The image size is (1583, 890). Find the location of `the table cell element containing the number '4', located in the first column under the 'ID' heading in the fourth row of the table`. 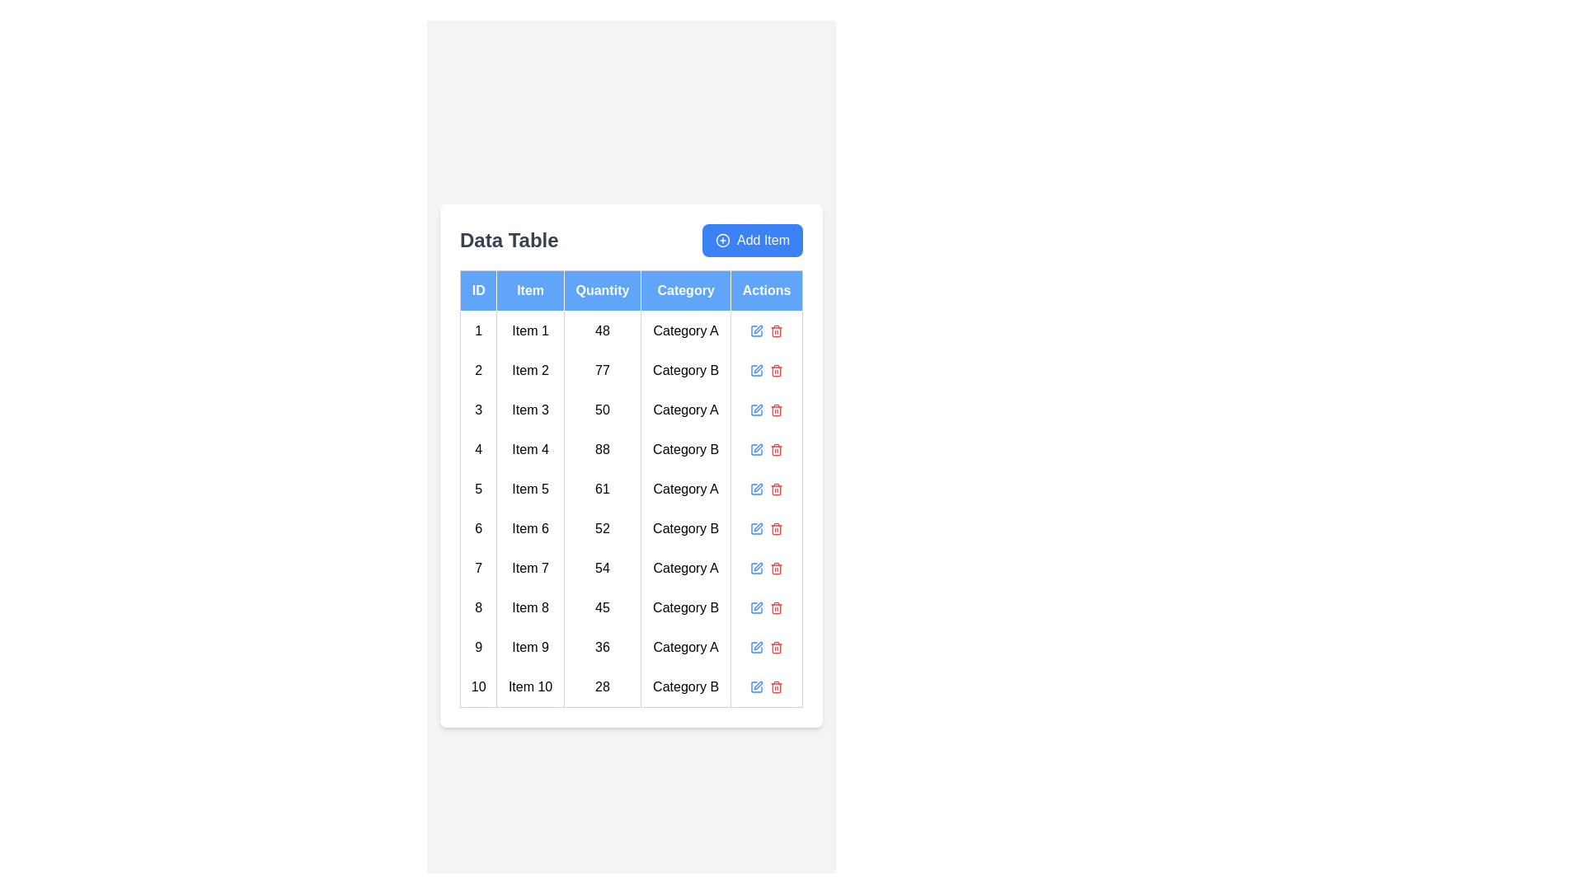

the table cell element containing the number '4', located in the first column under the 'ID' heading in the fourth row of the table is located at coordinates (477, 449).